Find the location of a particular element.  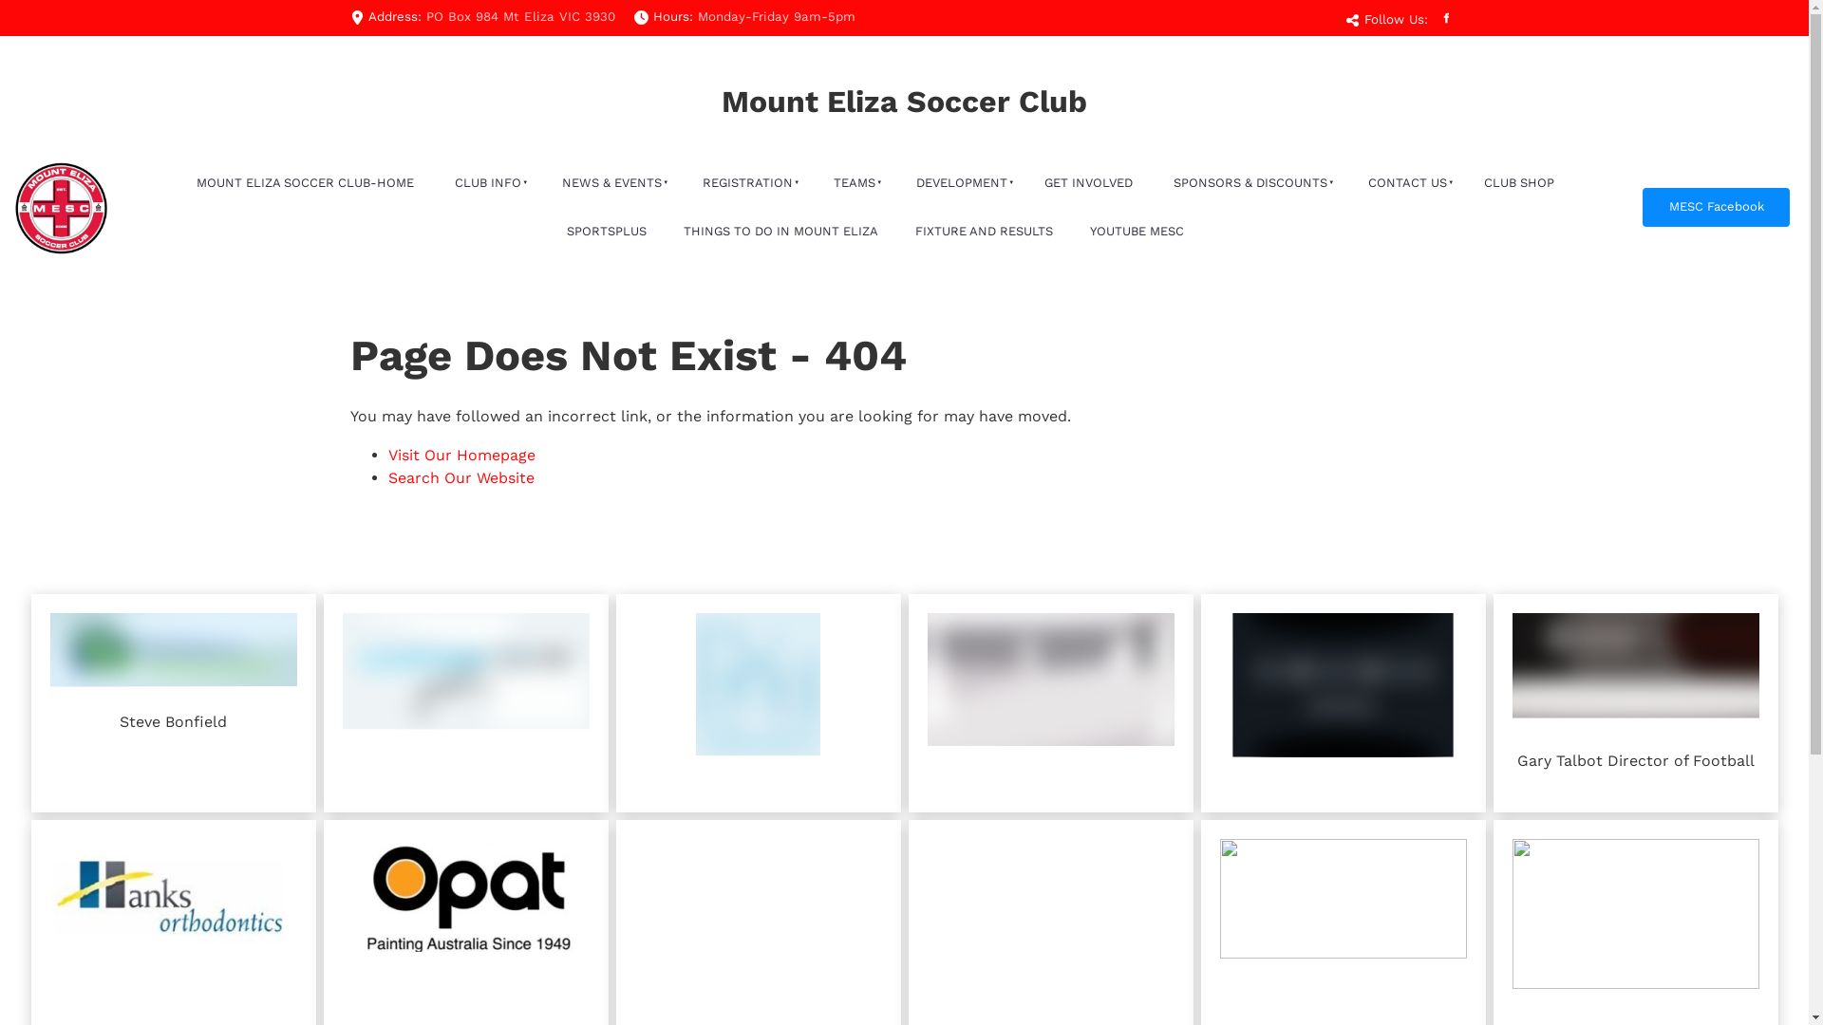

'YOUTUBE MESC' is located at coordinates (1136, 231).